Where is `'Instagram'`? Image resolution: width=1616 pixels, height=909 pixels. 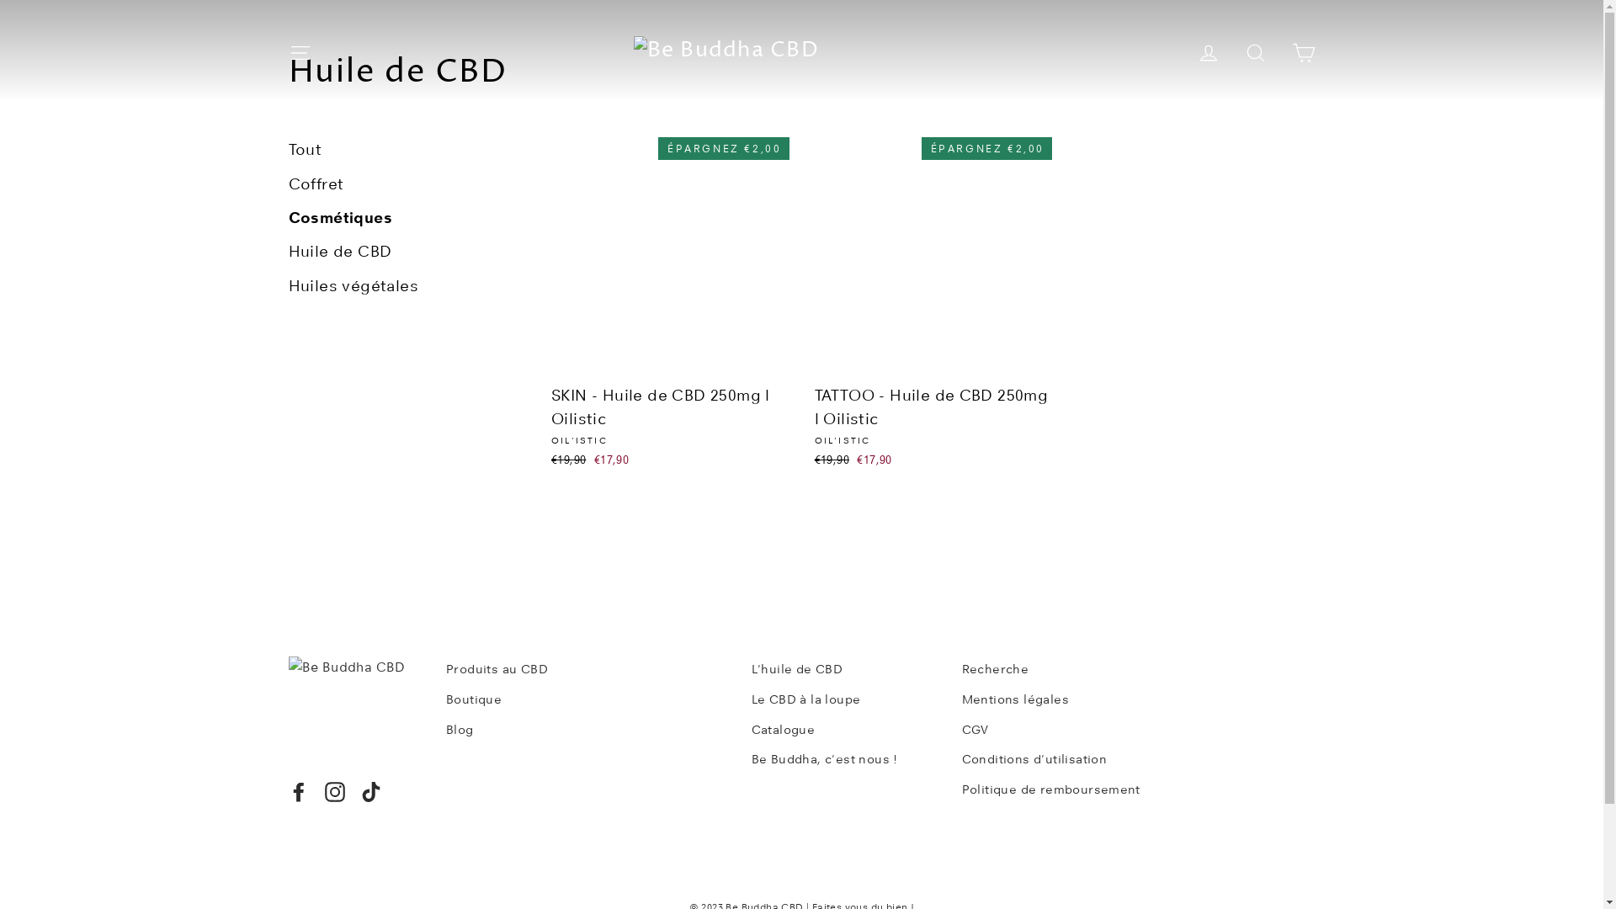
'Instagram' is located at coordinates (335, 791).